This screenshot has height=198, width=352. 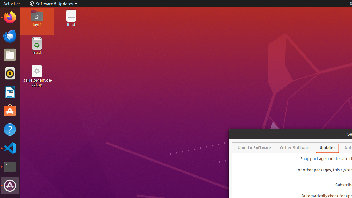 What do you see at coordinates (36, 24) in the screenshot?
I see `'luyi1'` at bounding box center [36, 24].